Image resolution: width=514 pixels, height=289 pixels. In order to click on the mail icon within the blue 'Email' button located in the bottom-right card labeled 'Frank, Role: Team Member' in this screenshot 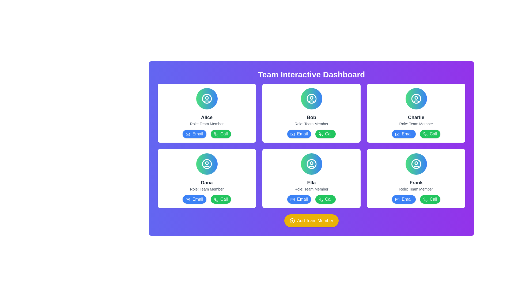, I will do `click(397, 199)`.